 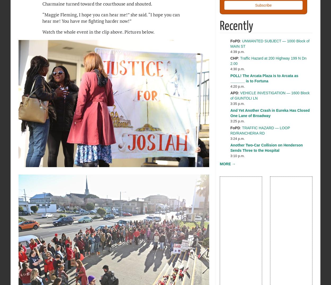 I want to click on 'TRAFFIC HAZARD — LOOP RD/RANCHERIA RD', so click(x=230, y=130).